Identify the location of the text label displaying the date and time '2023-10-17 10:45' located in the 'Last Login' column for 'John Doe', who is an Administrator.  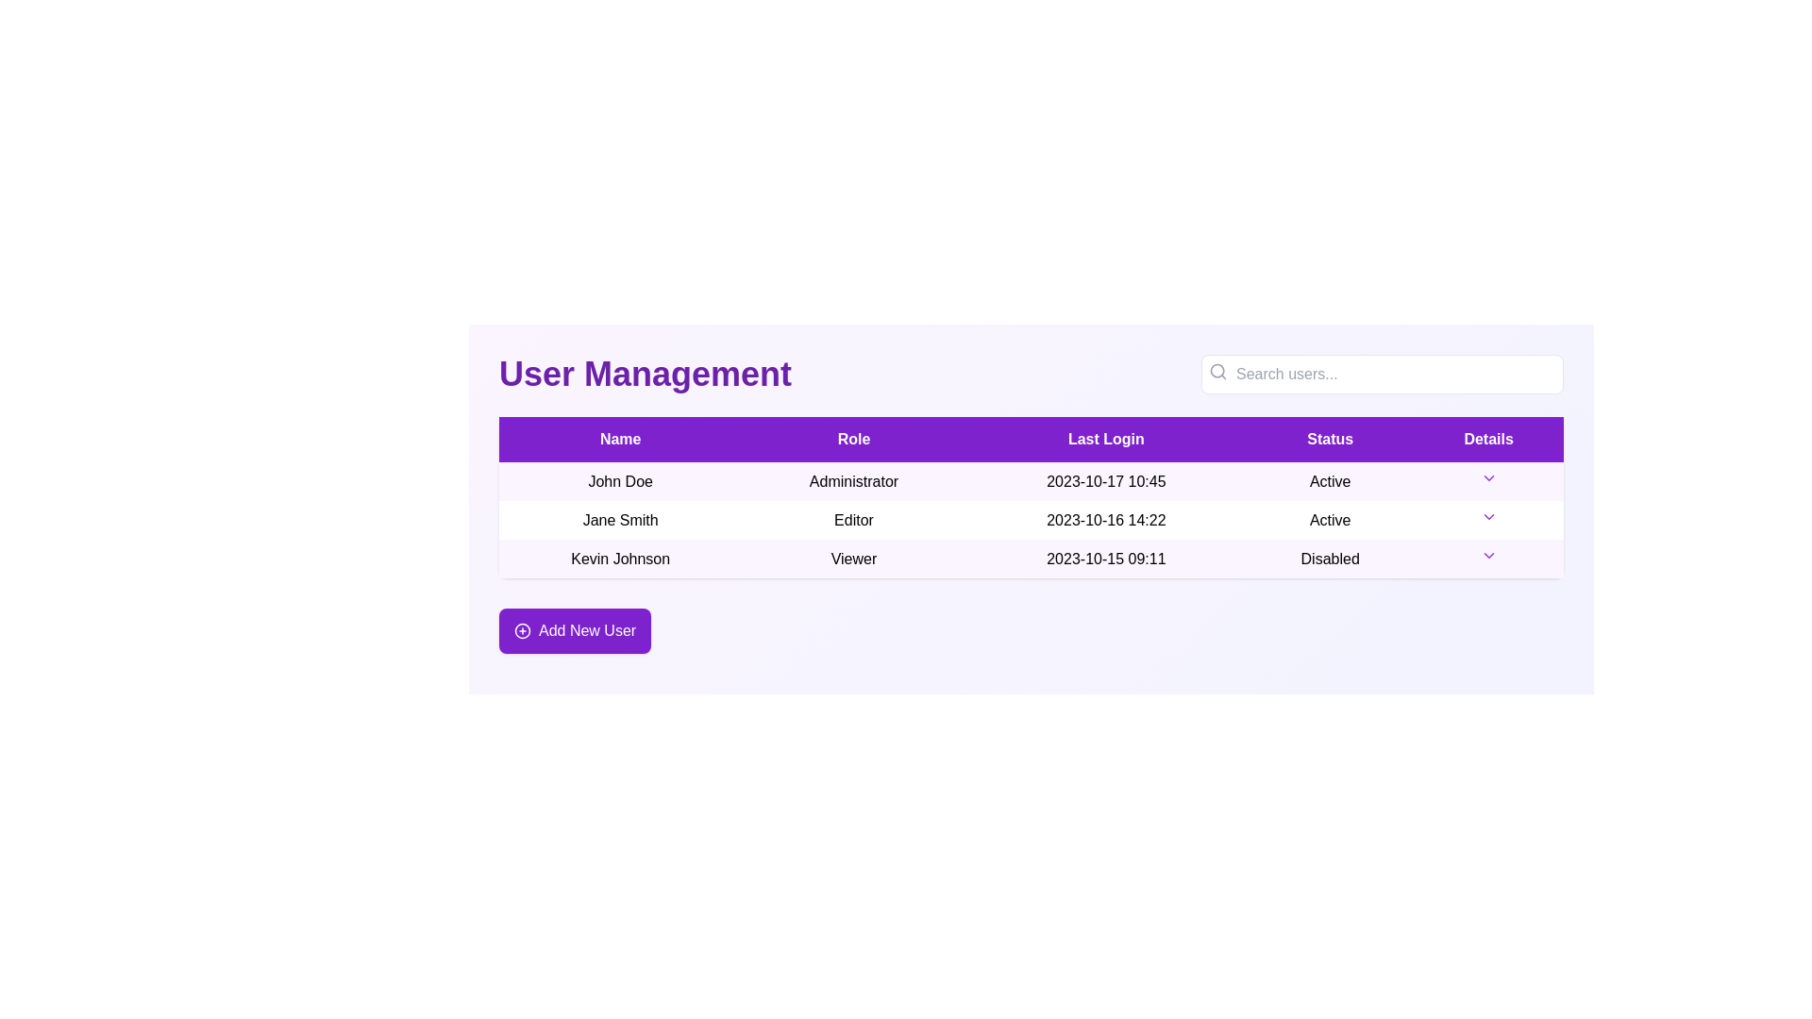
(1106, 480).